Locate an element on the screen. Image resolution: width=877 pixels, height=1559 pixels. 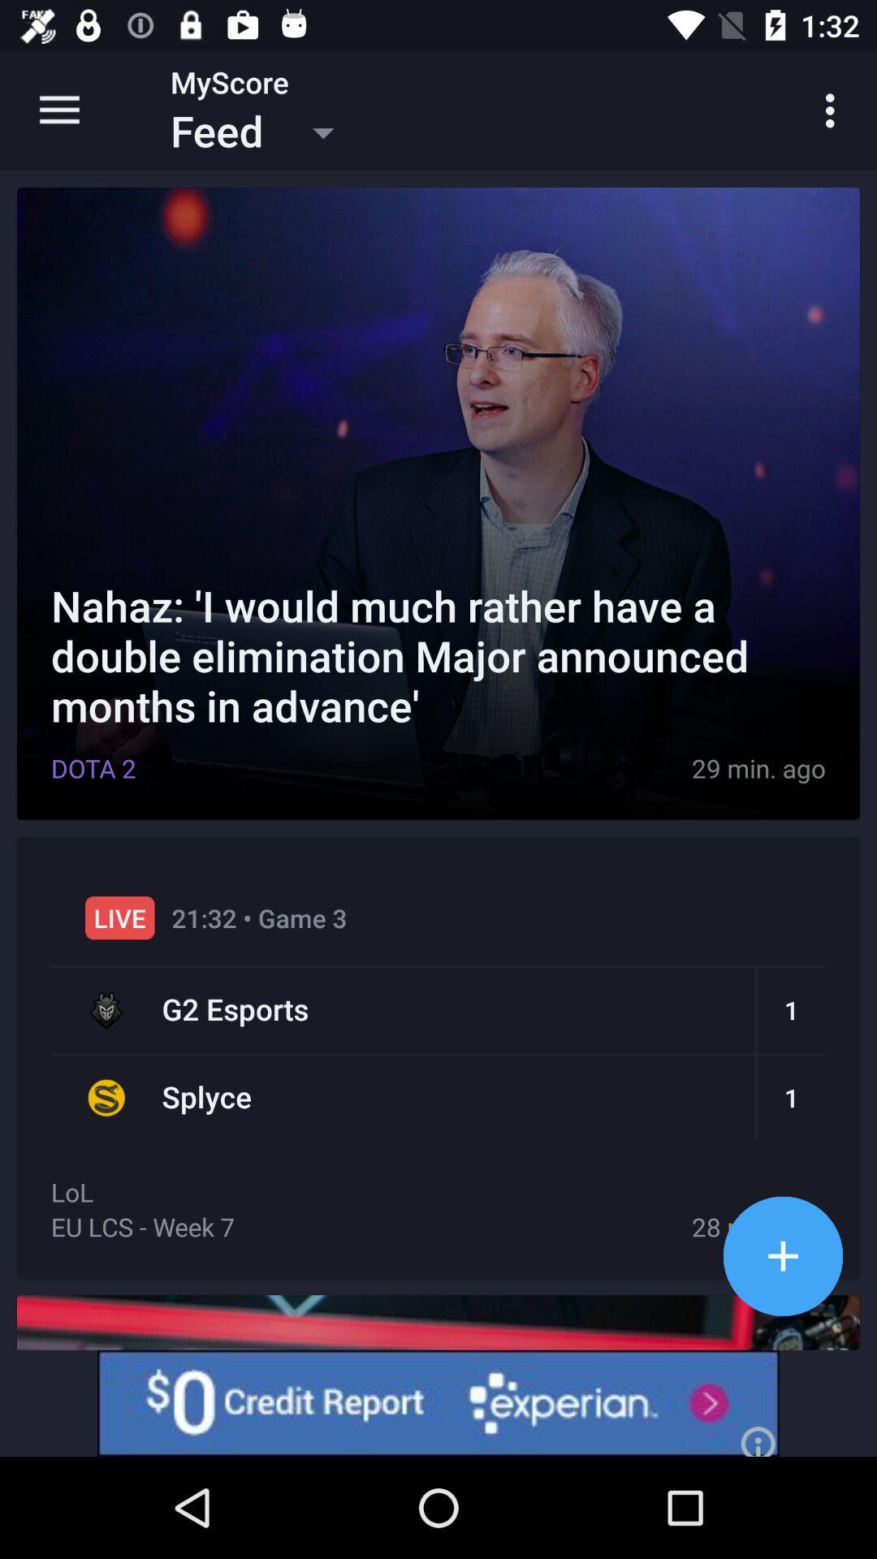
increase is located at coordinates (782, 1255).